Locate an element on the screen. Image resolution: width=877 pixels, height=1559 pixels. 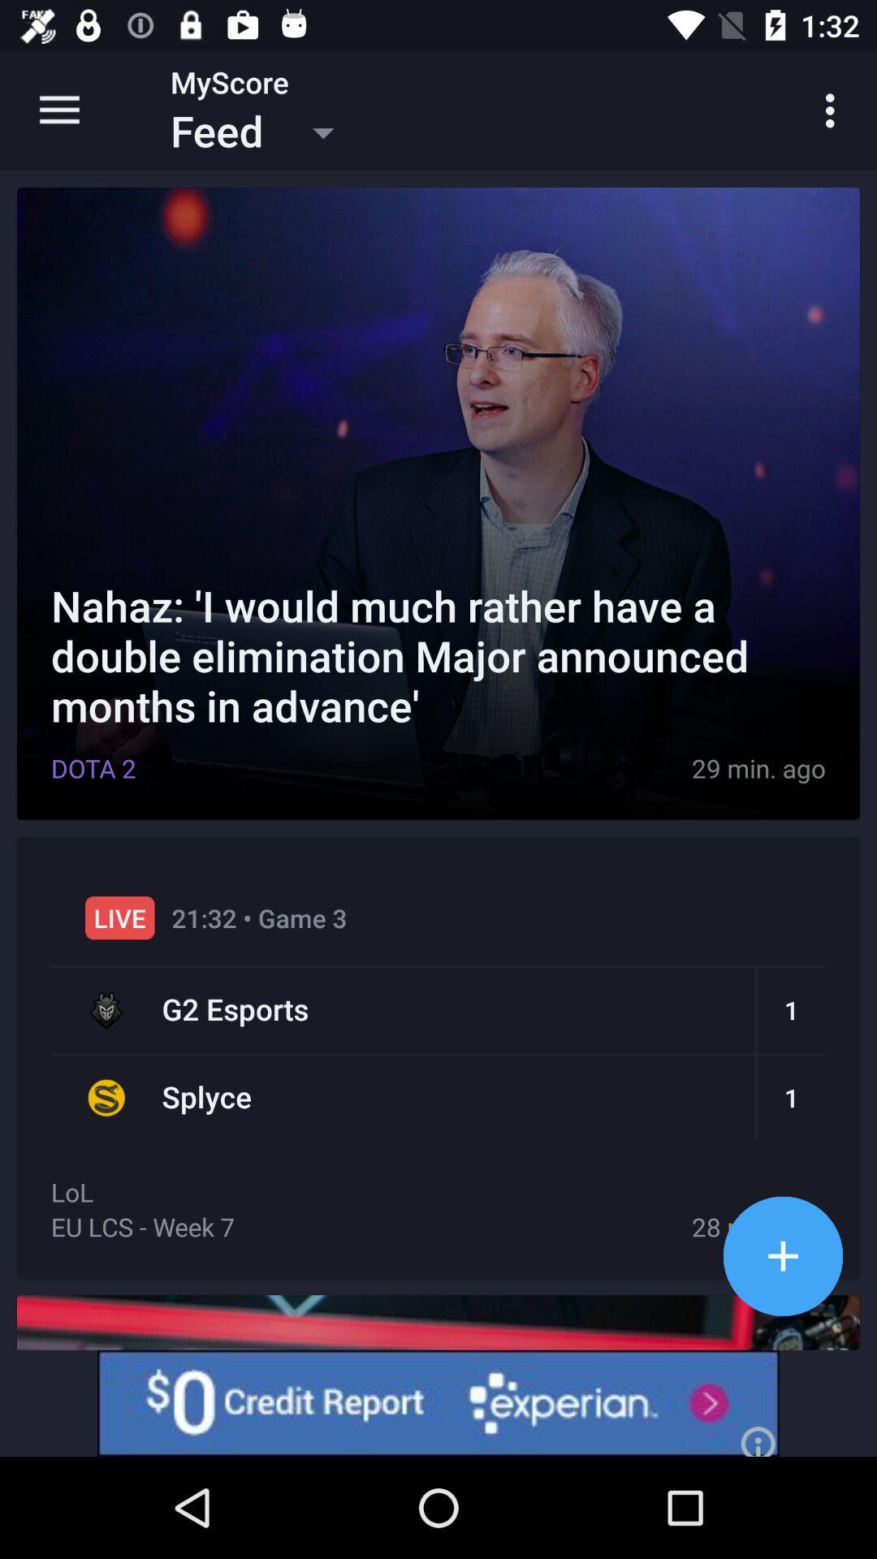
increase is located at coordinates (782, 1255).